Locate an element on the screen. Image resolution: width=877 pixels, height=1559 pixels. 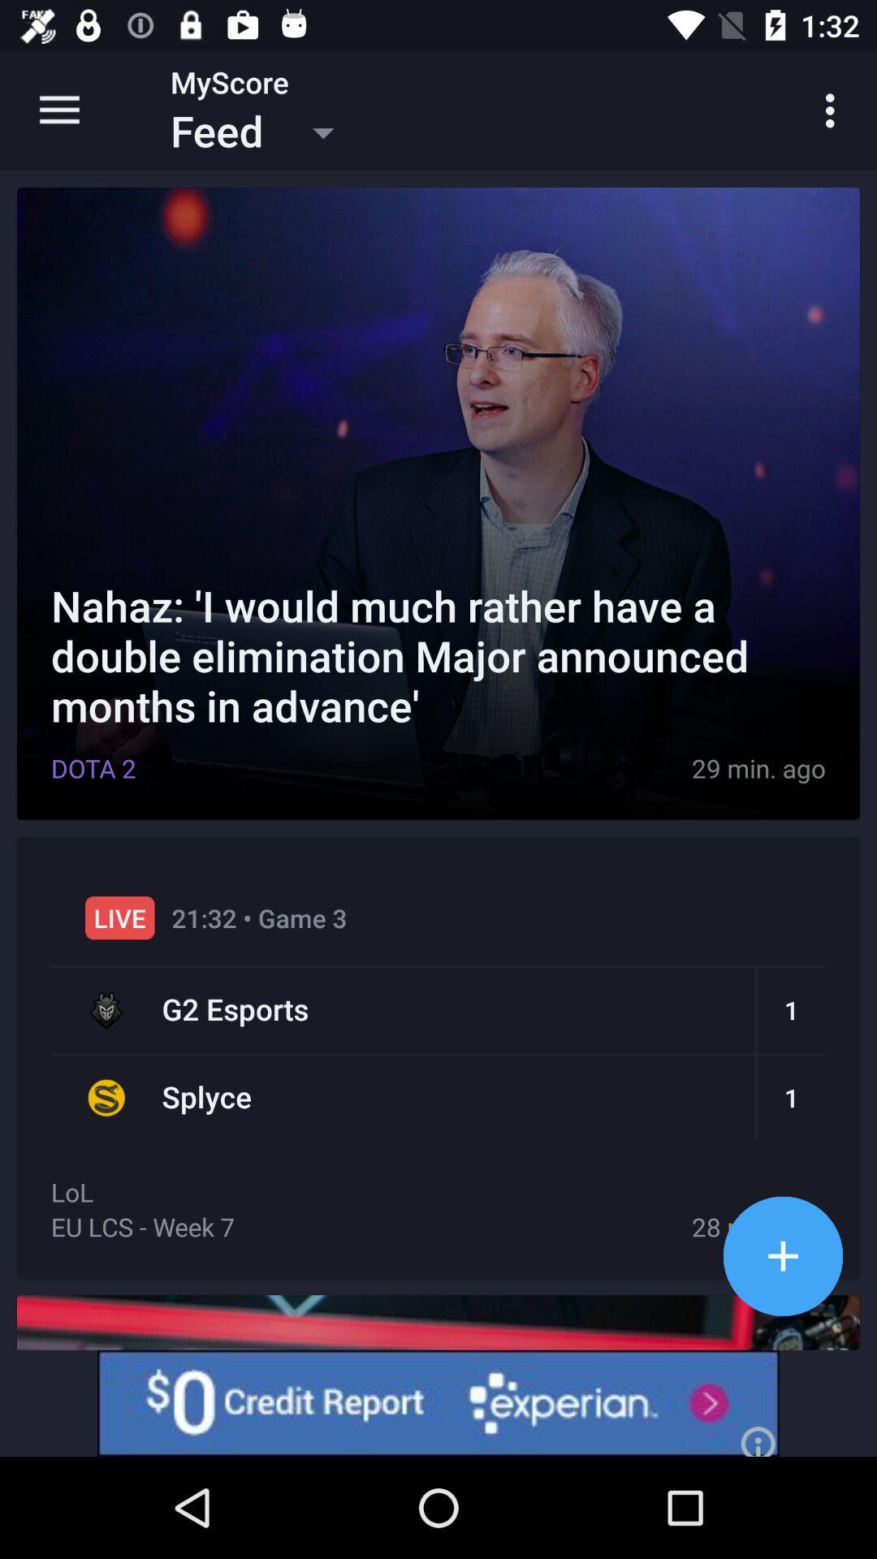
increase is located at coordinates (782, 1255).